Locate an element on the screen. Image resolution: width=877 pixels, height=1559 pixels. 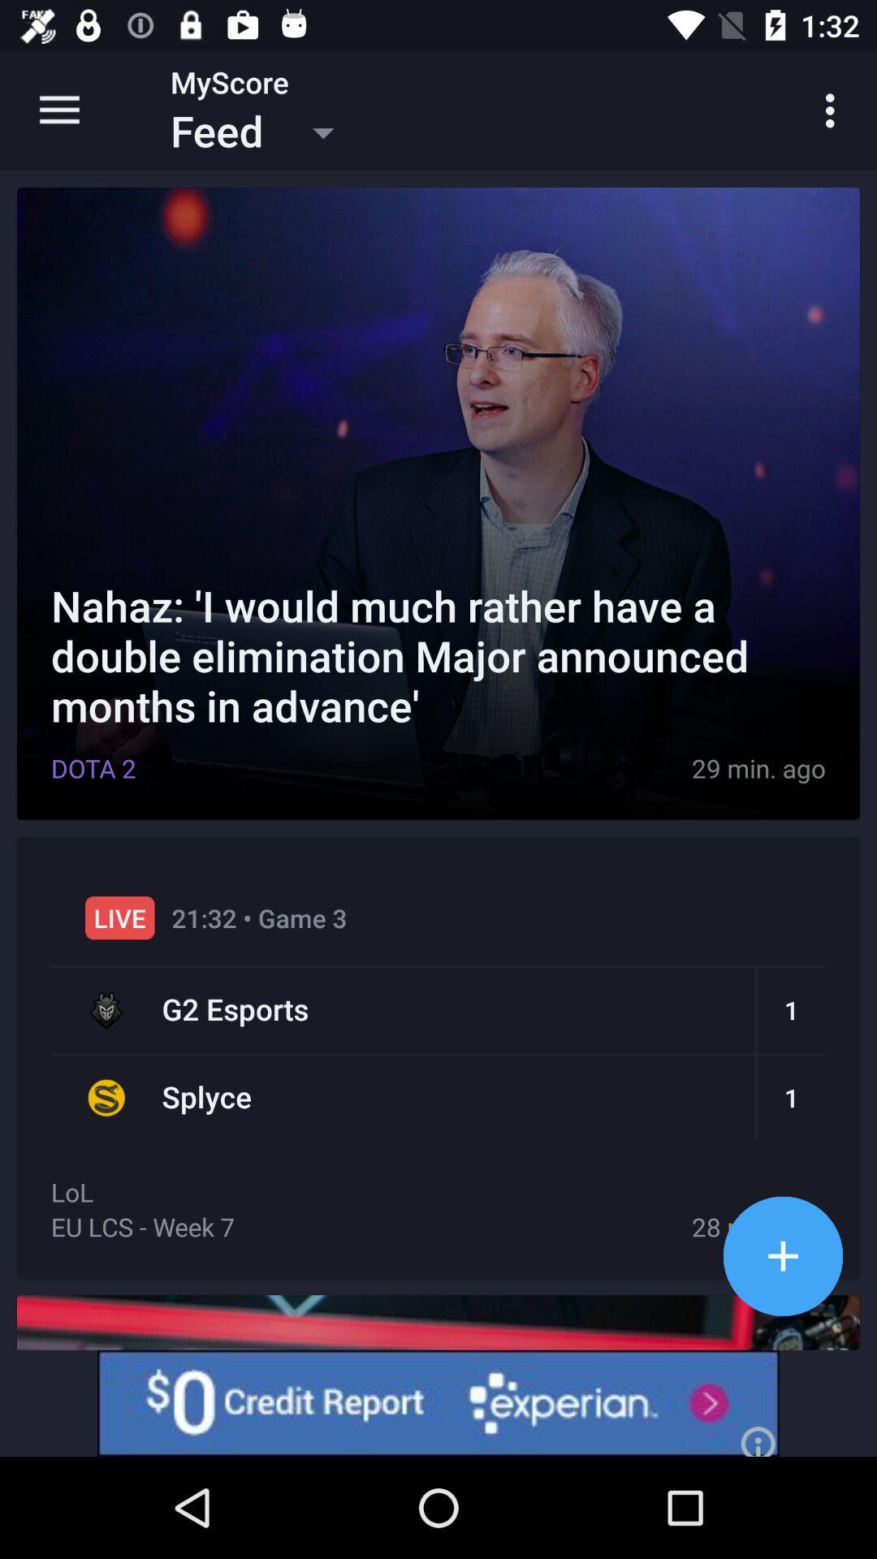
increase is located at coordinates (782, 1255).